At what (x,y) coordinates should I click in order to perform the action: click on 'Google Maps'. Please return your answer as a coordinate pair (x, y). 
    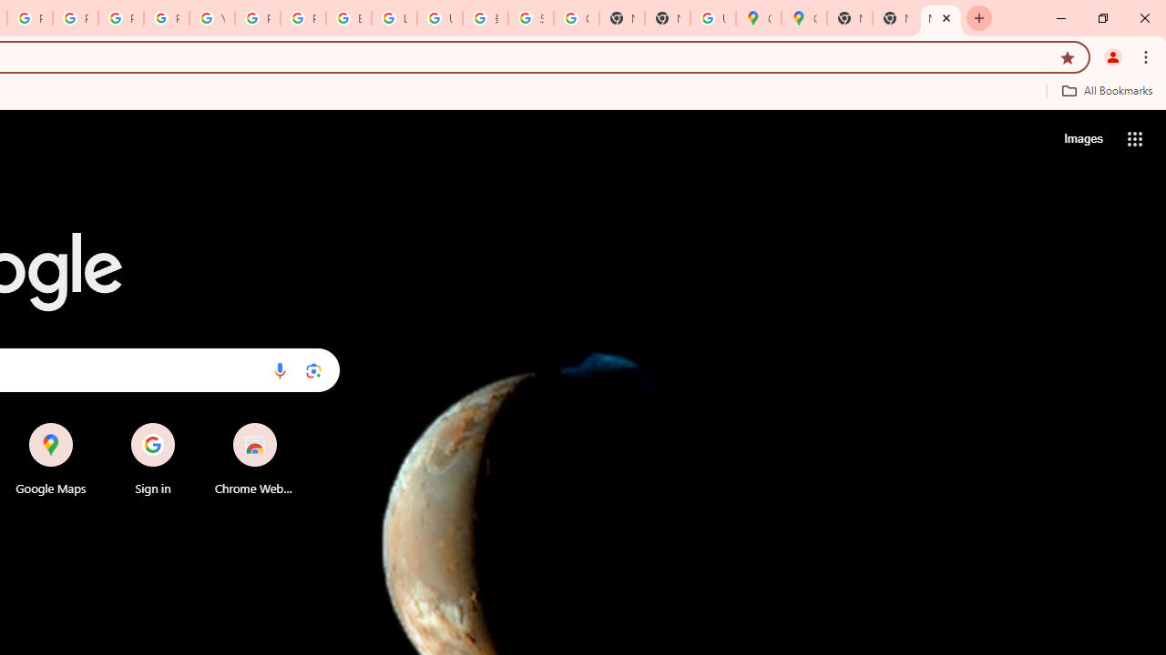
    Looking at the image, I should click on (51, 458).